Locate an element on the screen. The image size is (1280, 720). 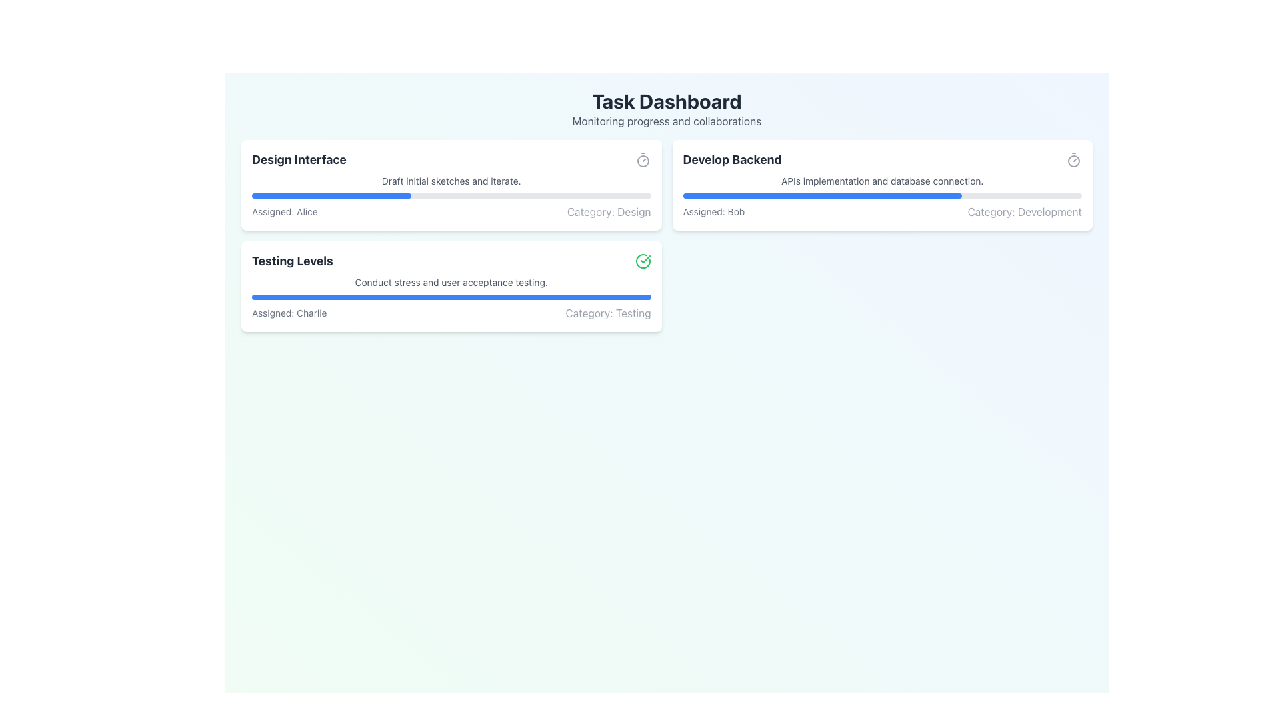
the Text Label that provides a brief description of the task within the 'Testing Levels' card, located directly beneath the title and icon is located at coordinates (451, 282).